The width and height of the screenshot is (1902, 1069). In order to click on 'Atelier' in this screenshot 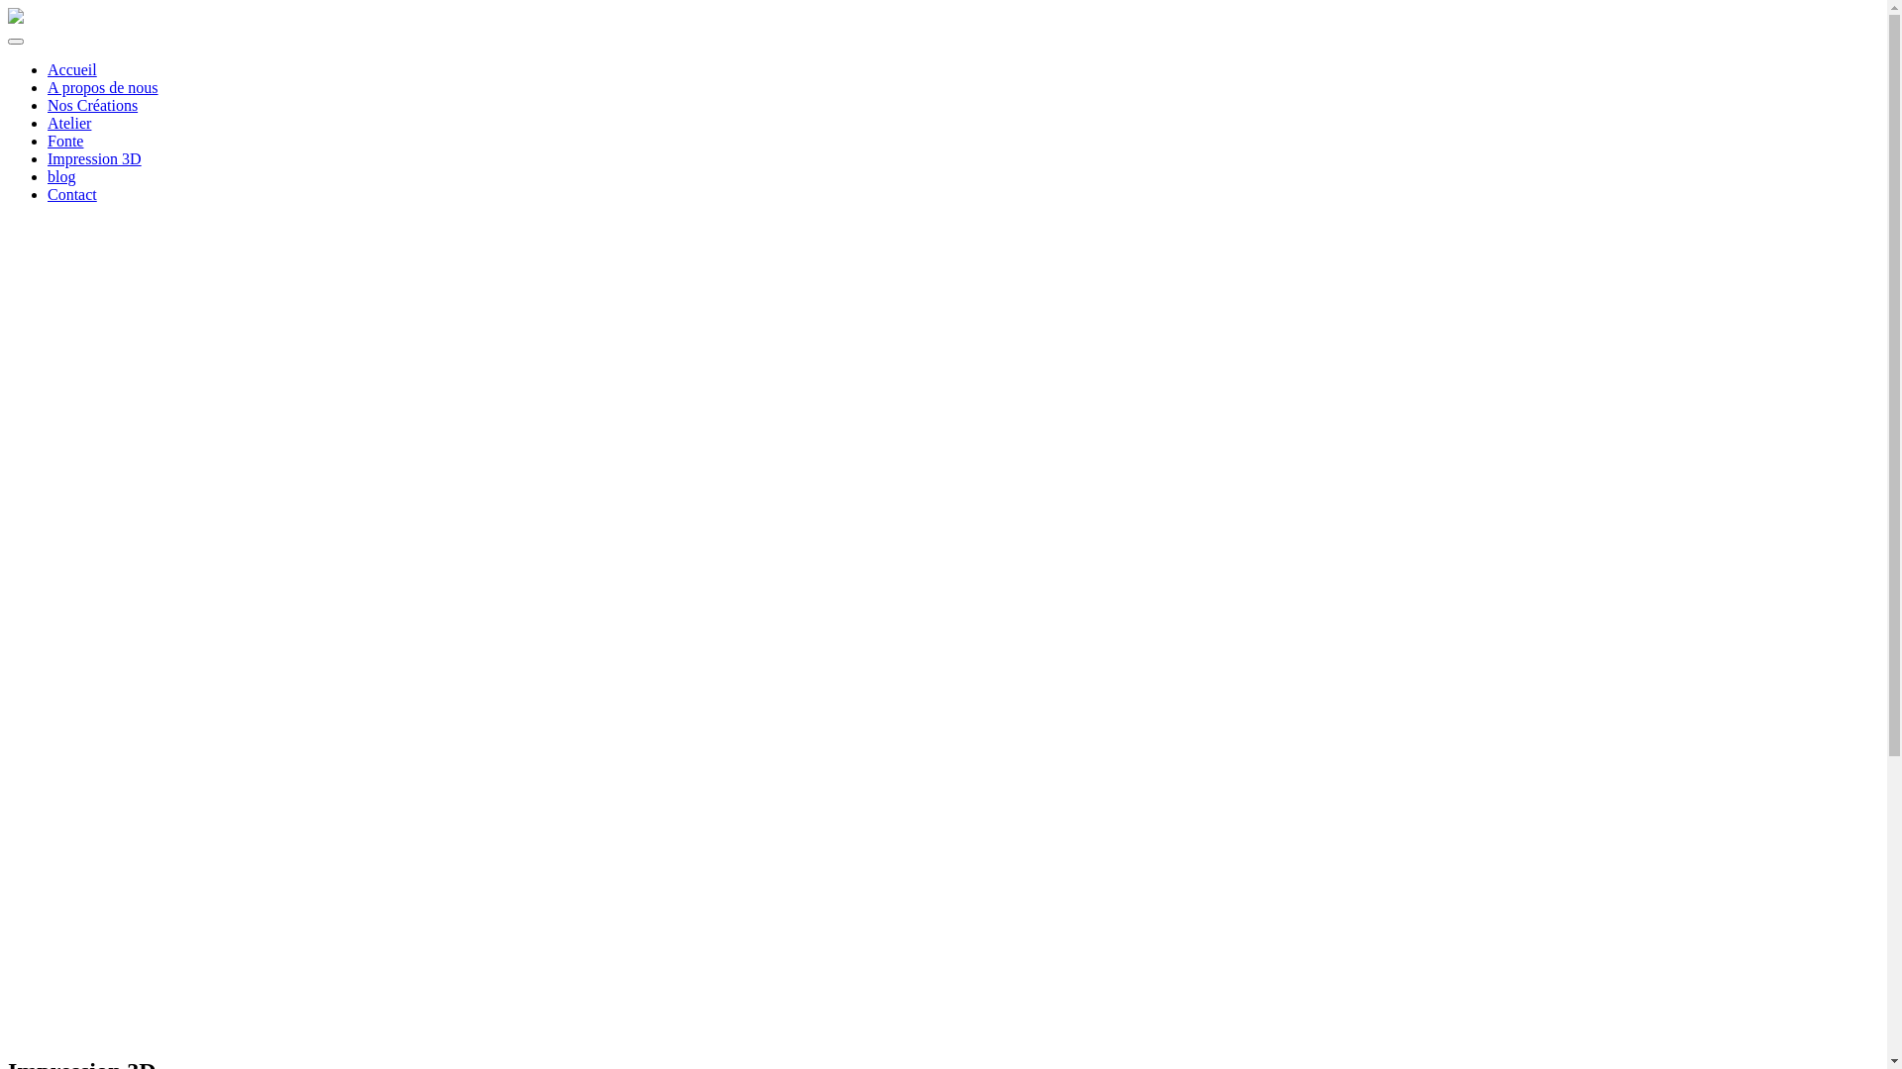, I will do `click(48, 123)`.